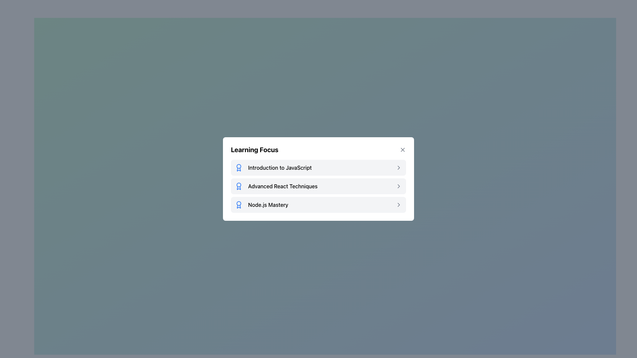  What do you see at coordinates (276, 186) in the screenshot?
I see `the second list item for 'Advanced React Techniques' in the vertical list, which is located beneath 'Introduction to JavaScript' and above 'Node.js Mastery'` at bounding box center [276, 186].